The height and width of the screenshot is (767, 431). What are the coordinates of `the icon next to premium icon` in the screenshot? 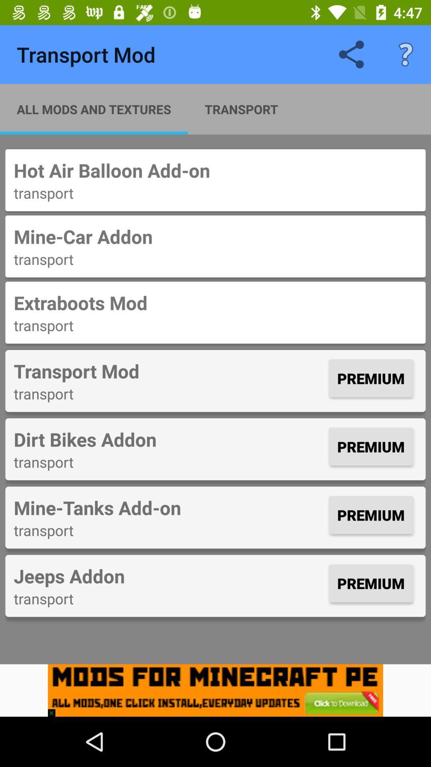 It's located at (169, 439).